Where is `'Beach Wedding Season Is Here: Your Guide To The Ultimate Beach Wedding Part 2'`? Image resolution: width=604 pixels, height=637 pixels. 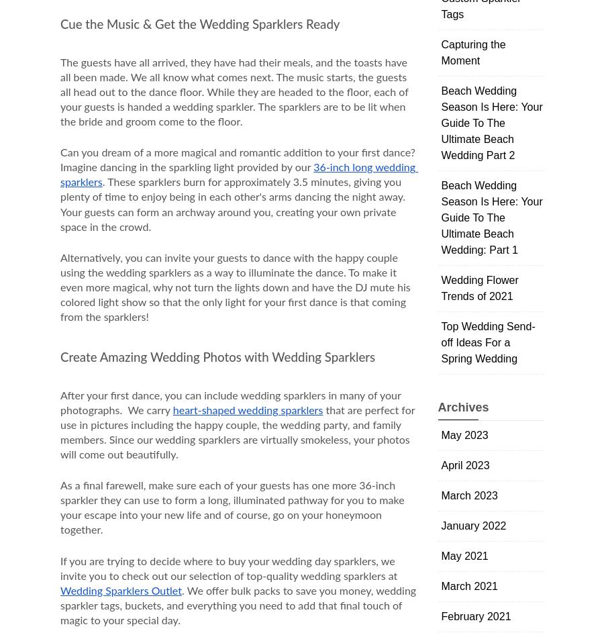 'Beach Wedding Season Is Here: Your Guide To The Ultimate Beach Wedding Part 2' is located at coordinates (441, 122).